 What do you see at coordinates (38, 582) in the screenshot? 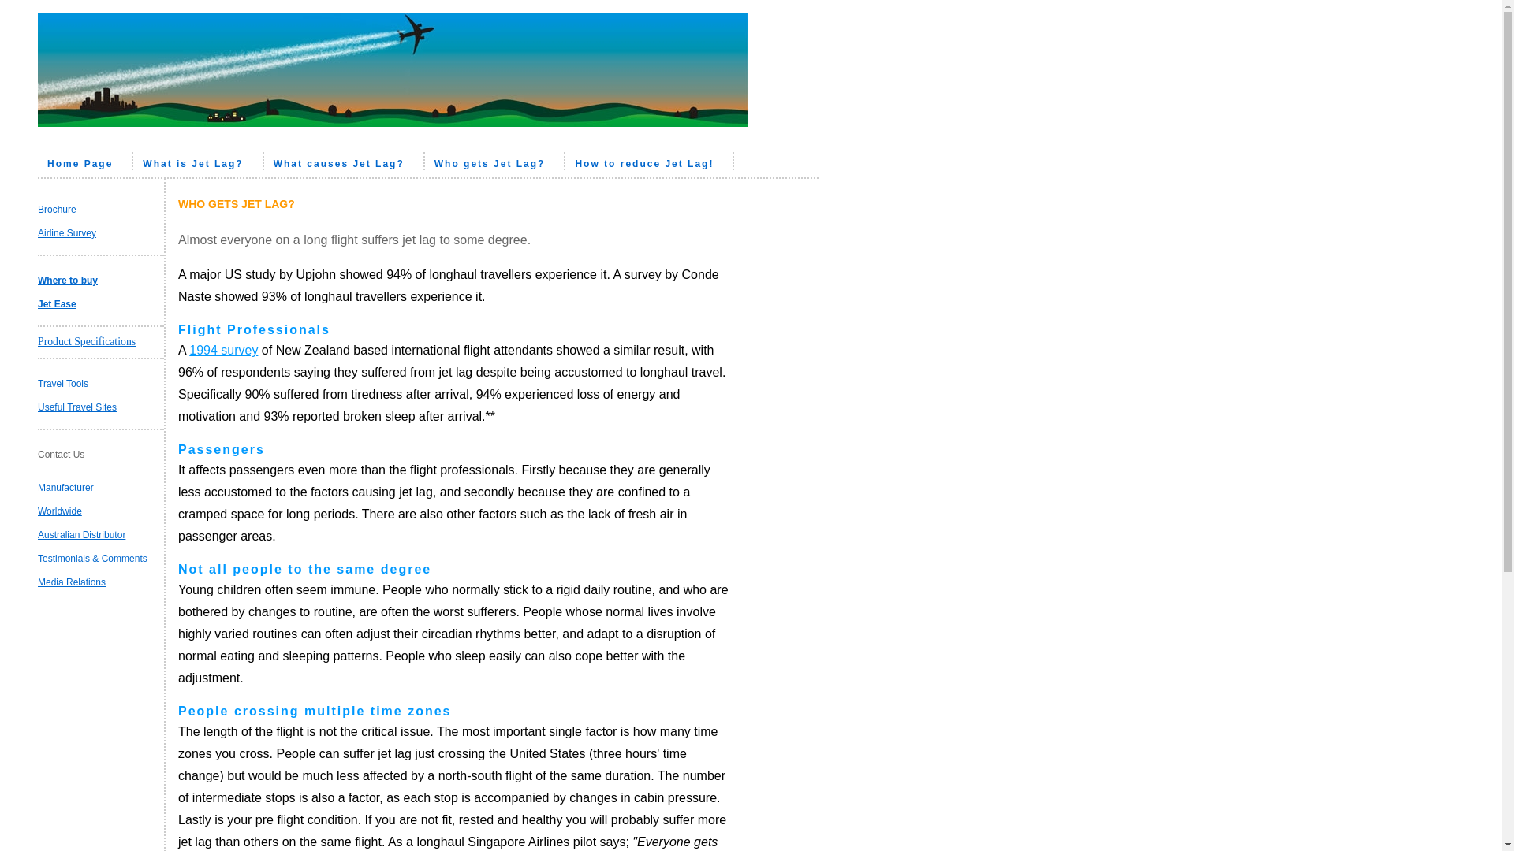
I see `'Media Relations'` at bounding box center [38, 582].